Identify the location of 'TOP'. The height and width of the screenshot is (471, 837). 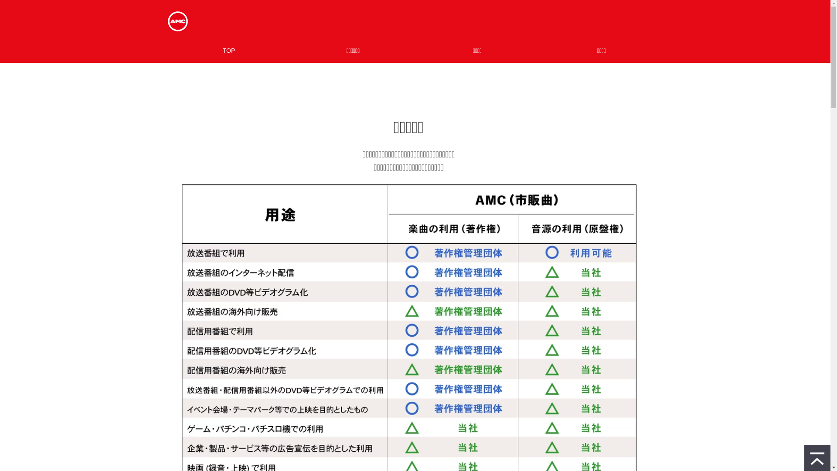
(228, 50).